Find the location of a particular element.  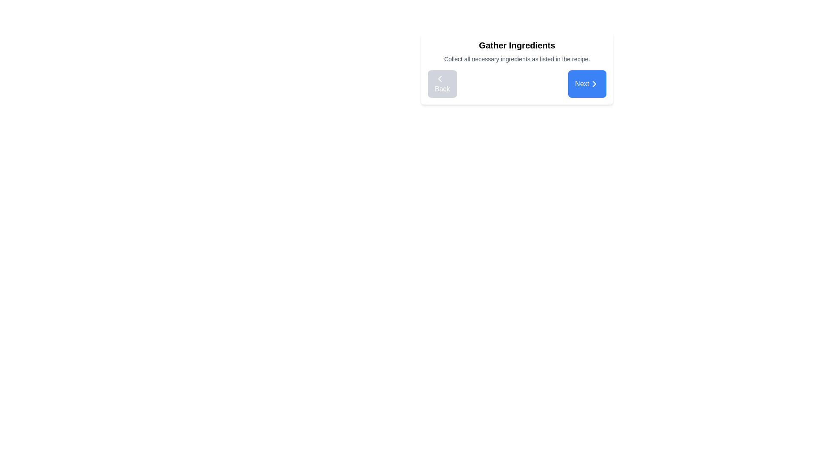

the bold text label reading 'Gather Ingredients' located at the center-top of the card-like structure is located at coordinates (516, 45).